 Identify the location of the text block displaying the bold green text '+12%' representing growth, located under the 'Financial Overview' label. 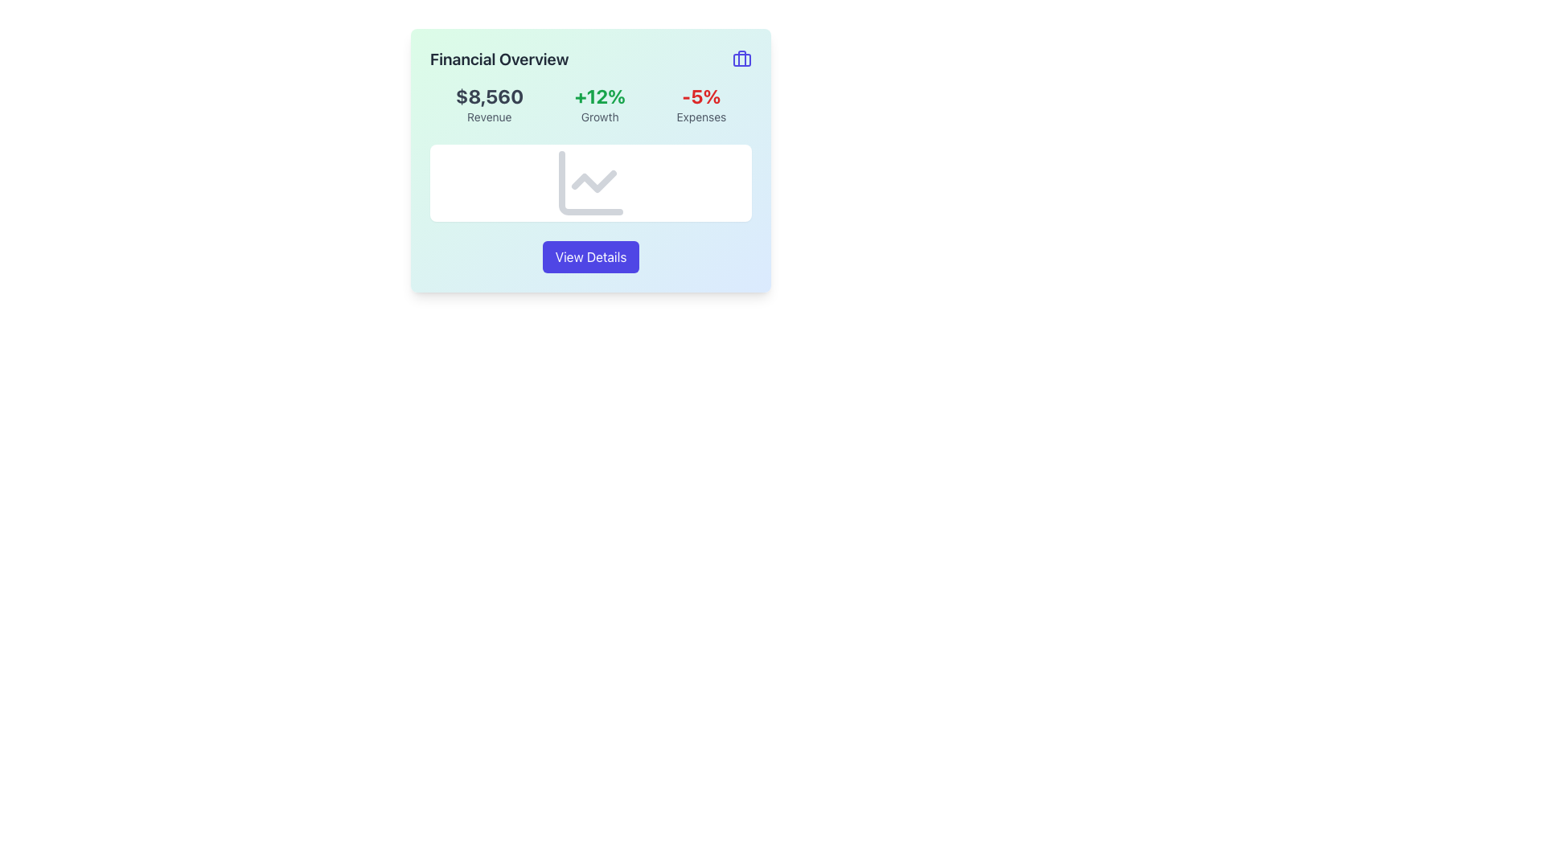
(599, 104).